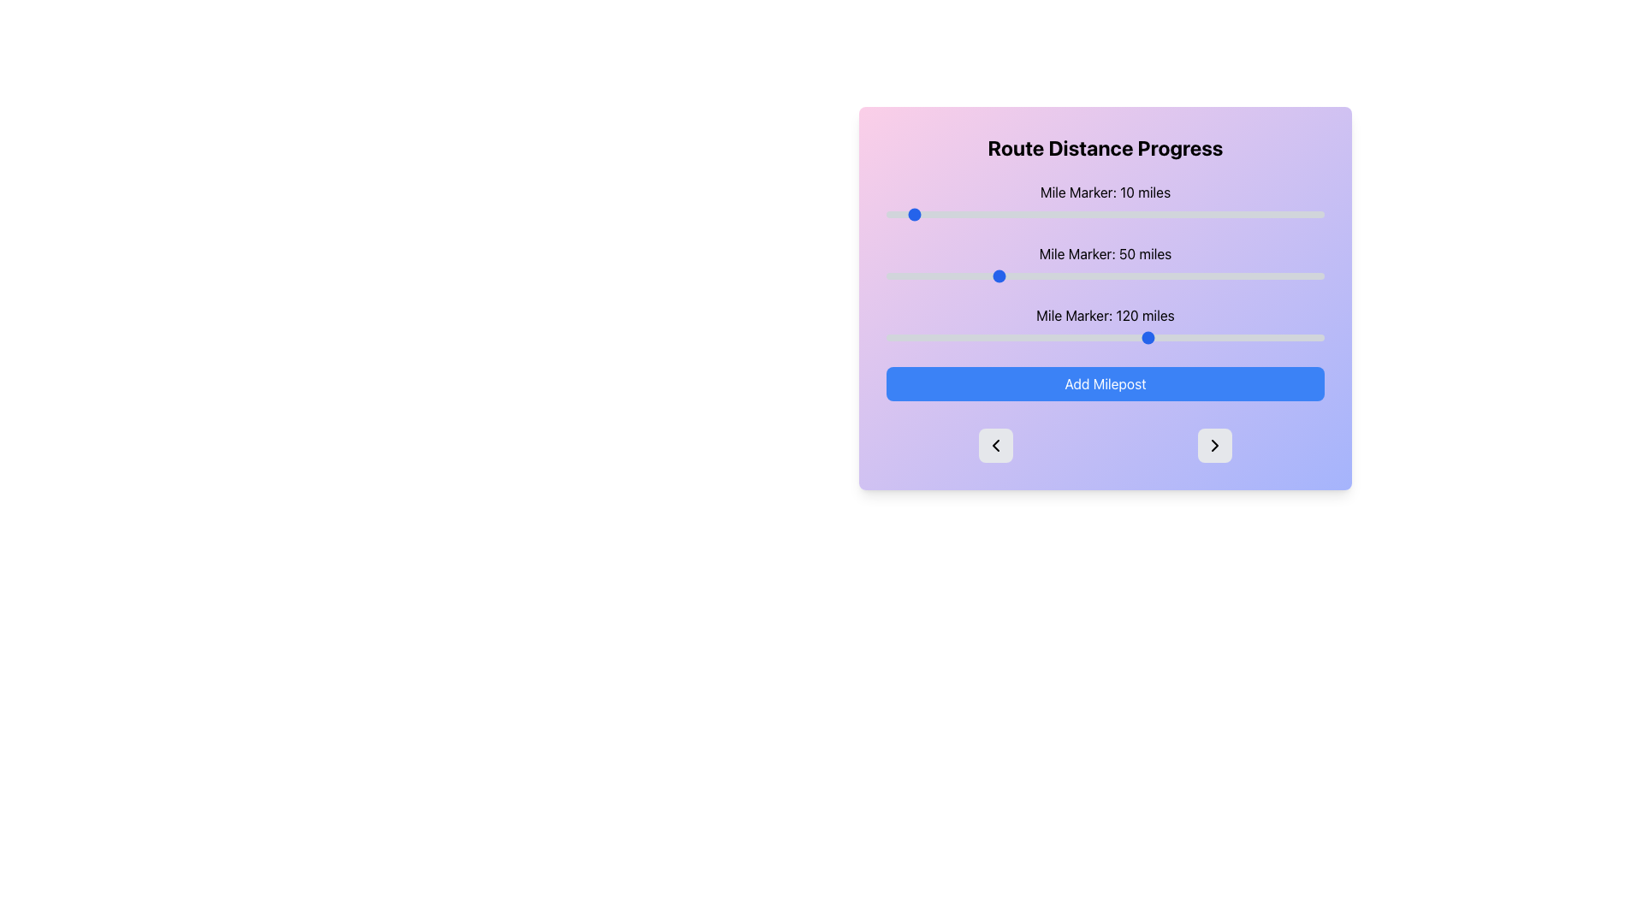  Describe the element at coordinates (942, 337) in the screenshot. I see `the mile marker` at that location.